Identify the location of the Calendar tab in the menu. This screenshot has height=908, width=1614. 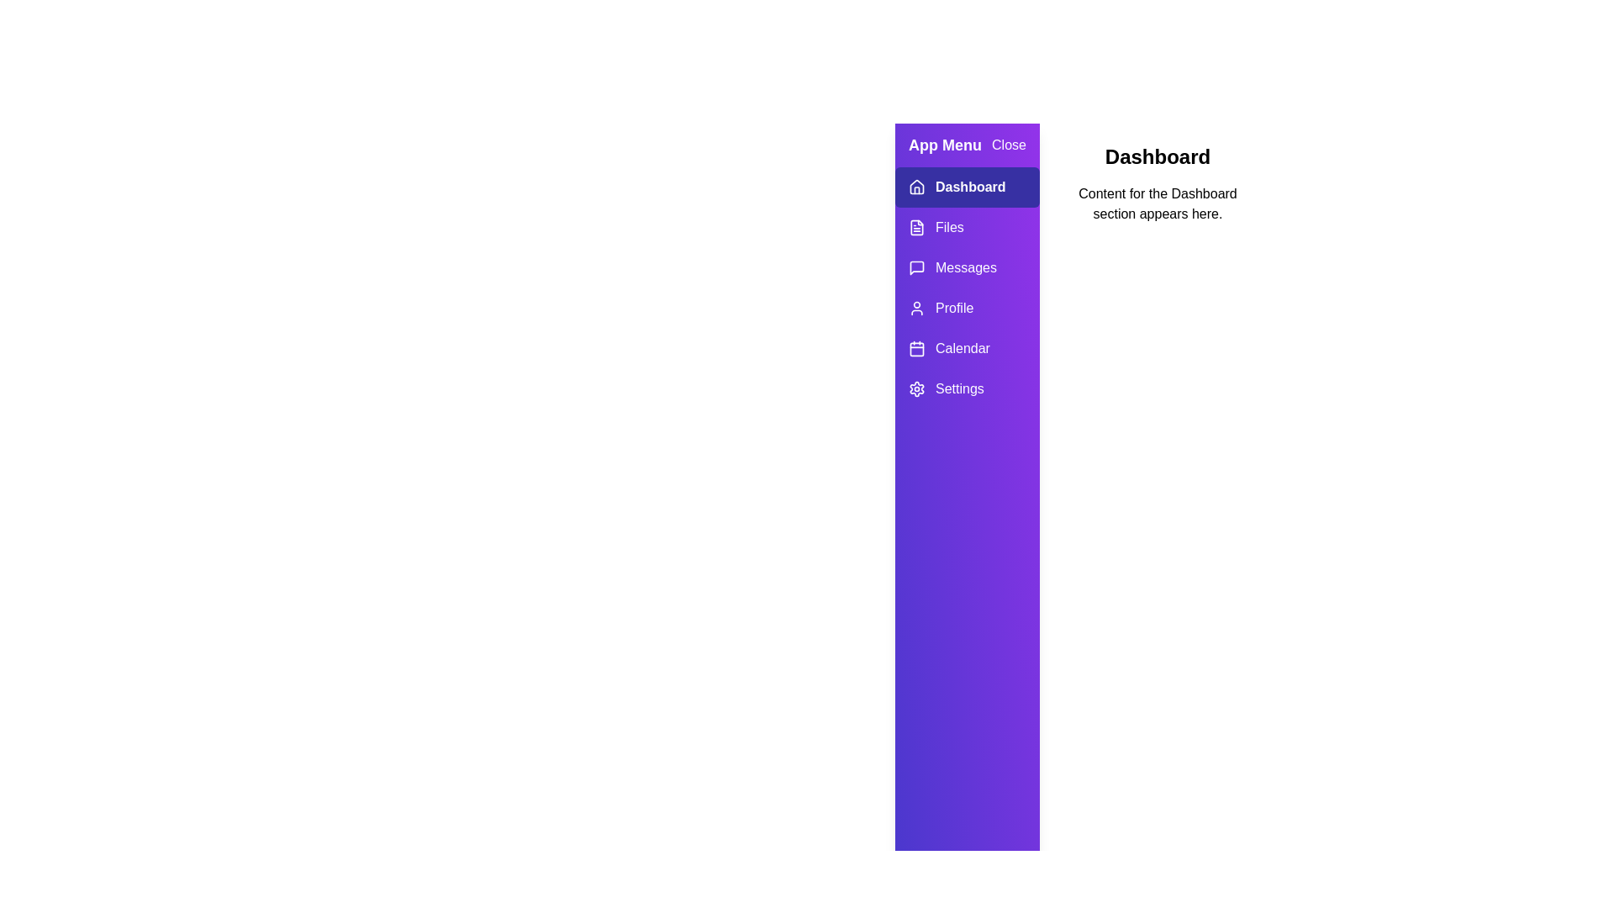
(967, 348).